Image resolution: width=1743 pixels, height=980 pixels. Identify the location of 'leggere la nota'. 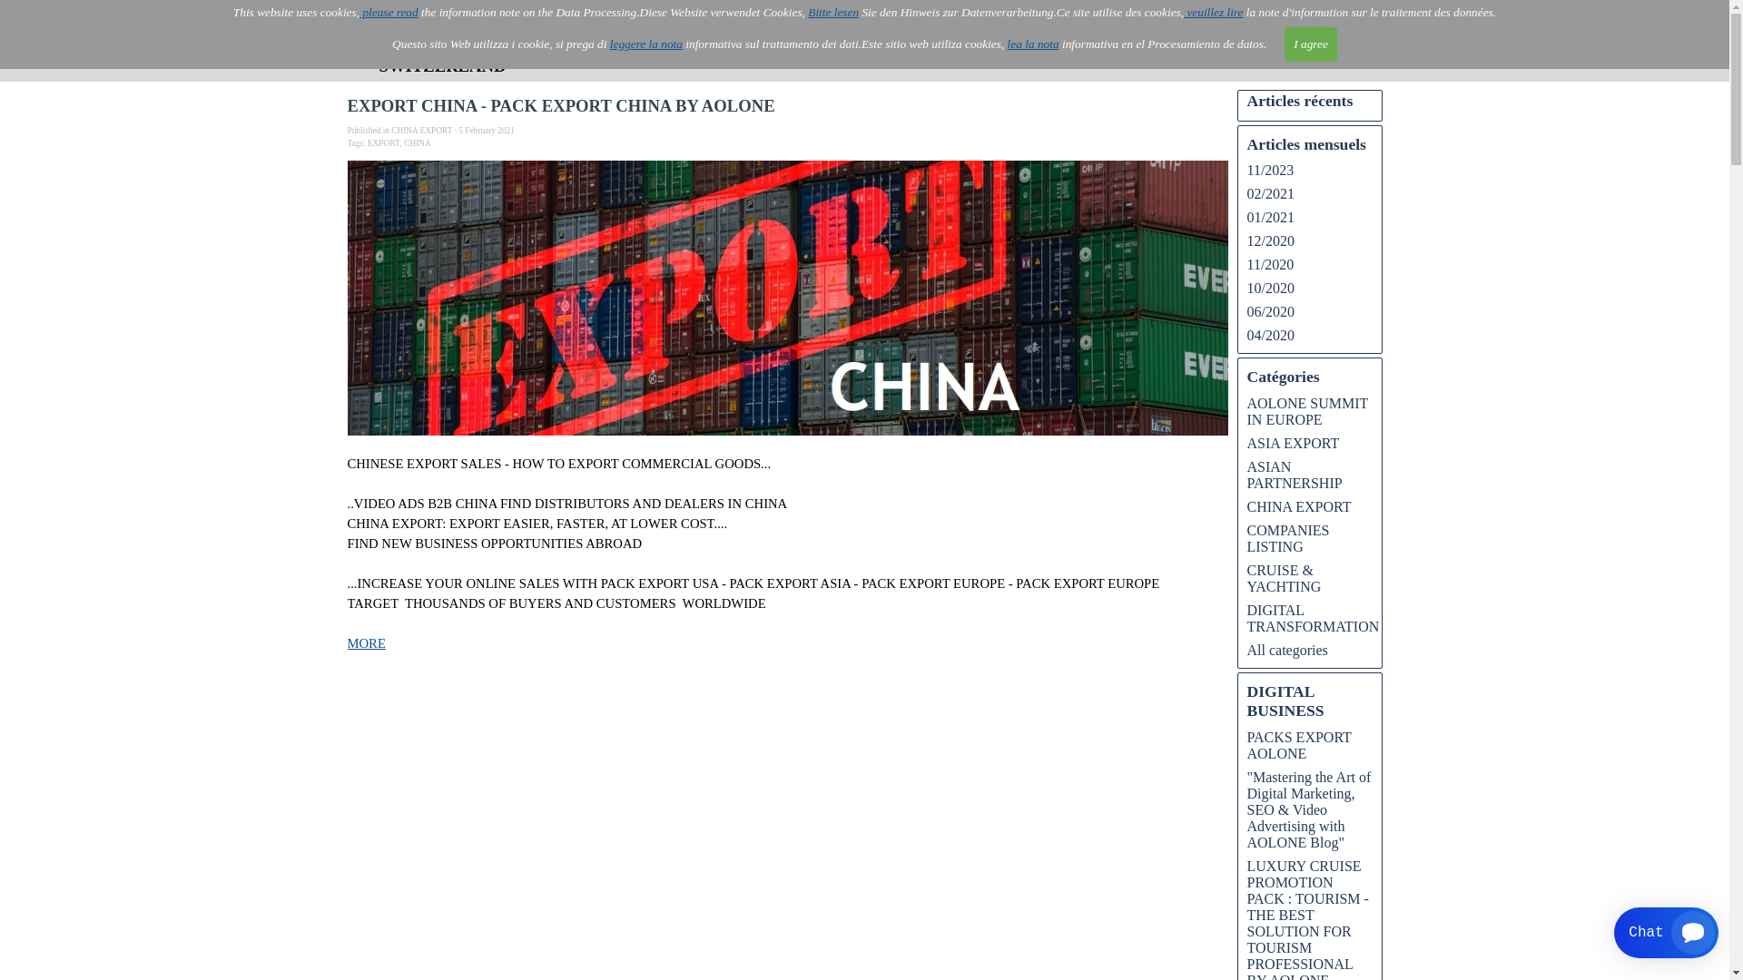
(645, 43).